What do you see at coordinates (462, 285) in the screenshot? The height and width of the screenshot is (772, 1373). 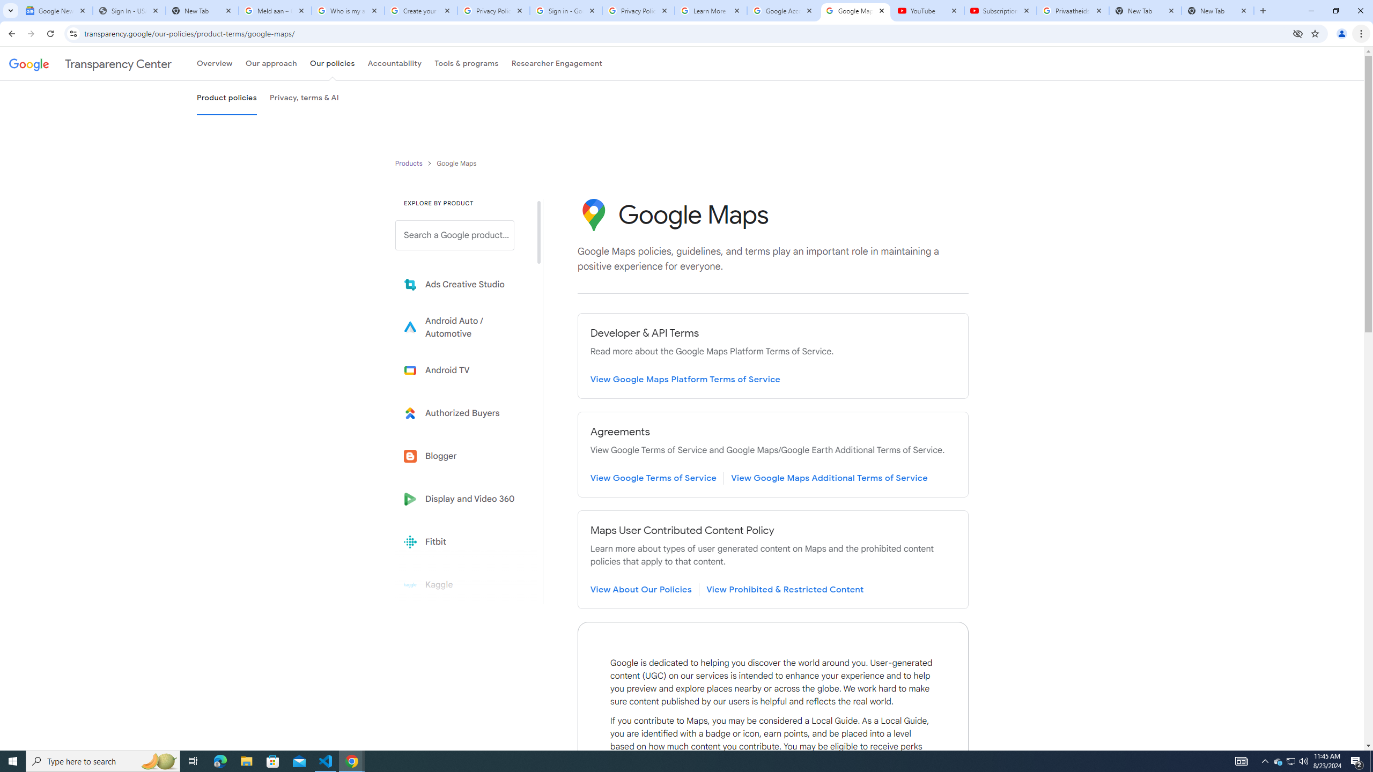 I see `'Learn more about Ads Creative Studio'` at bounding box center [462, 285].